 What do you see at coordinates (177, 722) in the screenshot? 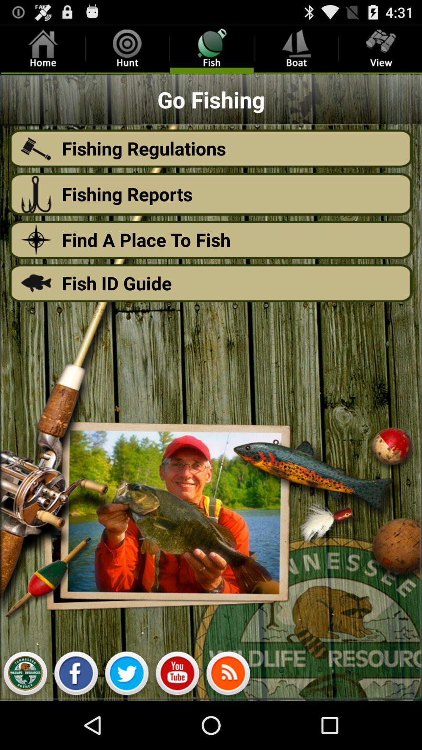
I see `the emoji icon` at bounding box center [177, 722].